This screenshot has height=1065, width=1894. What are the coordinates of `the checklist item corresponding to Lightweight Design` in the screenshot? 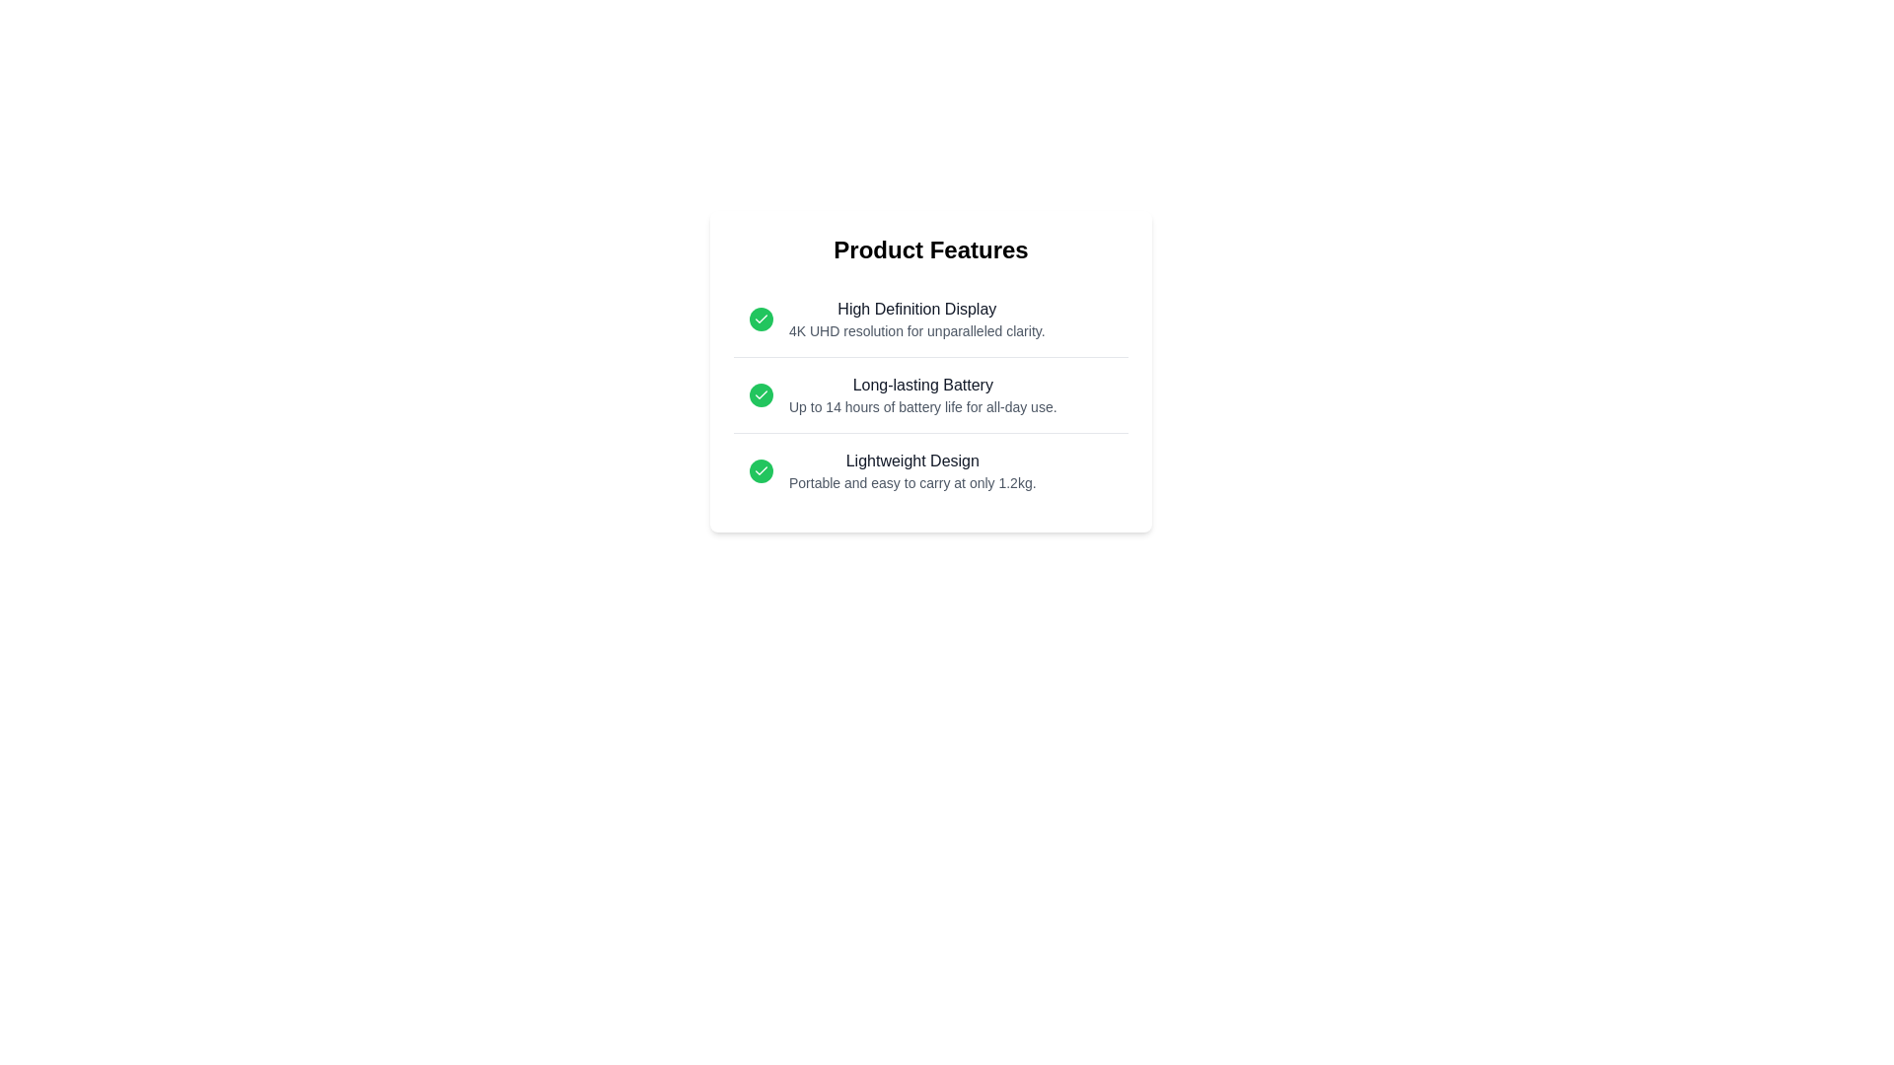 It's located at (930, 471).